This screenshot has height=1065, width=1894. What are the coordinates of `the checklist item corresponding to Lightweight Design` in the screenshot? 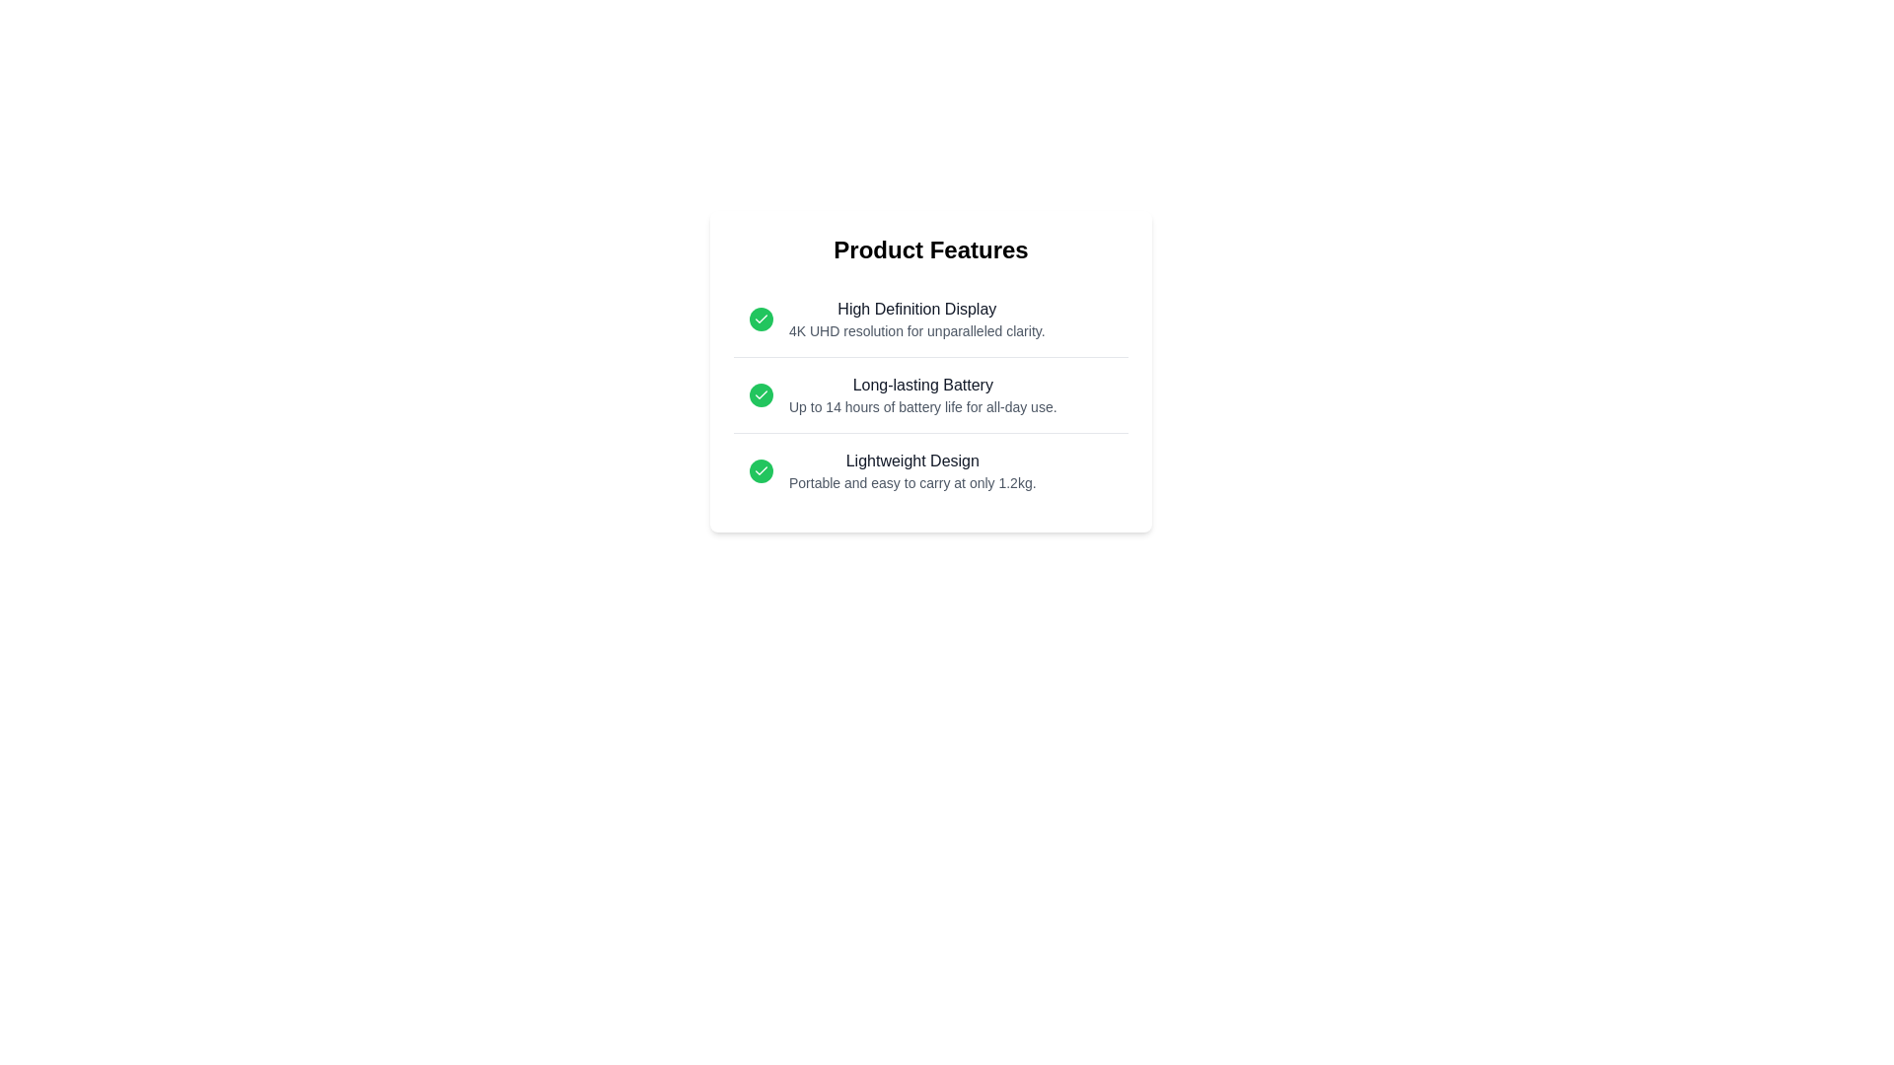 It's located at (930, 471).